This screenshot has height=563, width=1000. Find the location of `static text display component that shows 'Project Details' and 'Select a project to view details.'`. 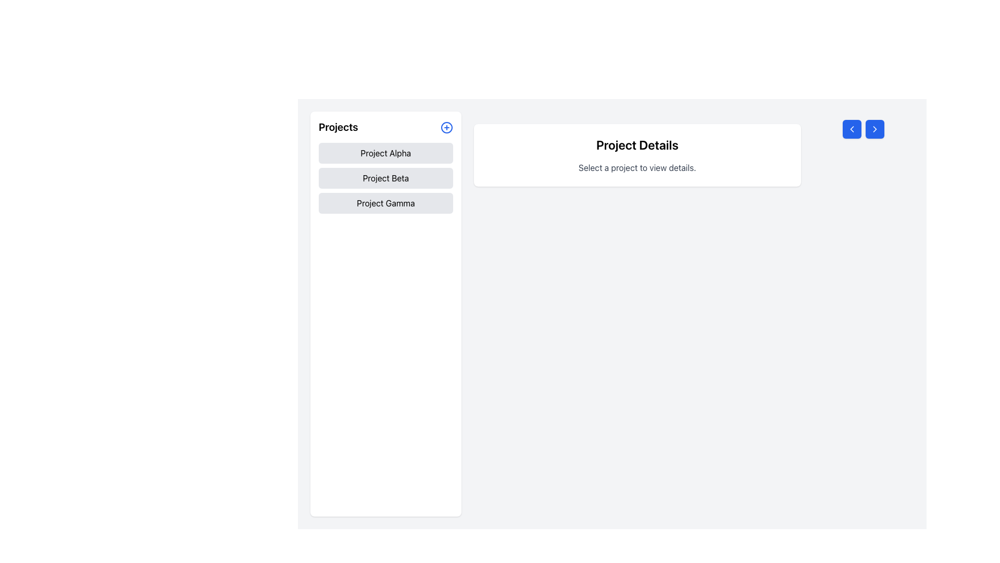

static text display component that shows 'Project Details' and 'Select a project to view details.' is located at coordinates (636, 155).